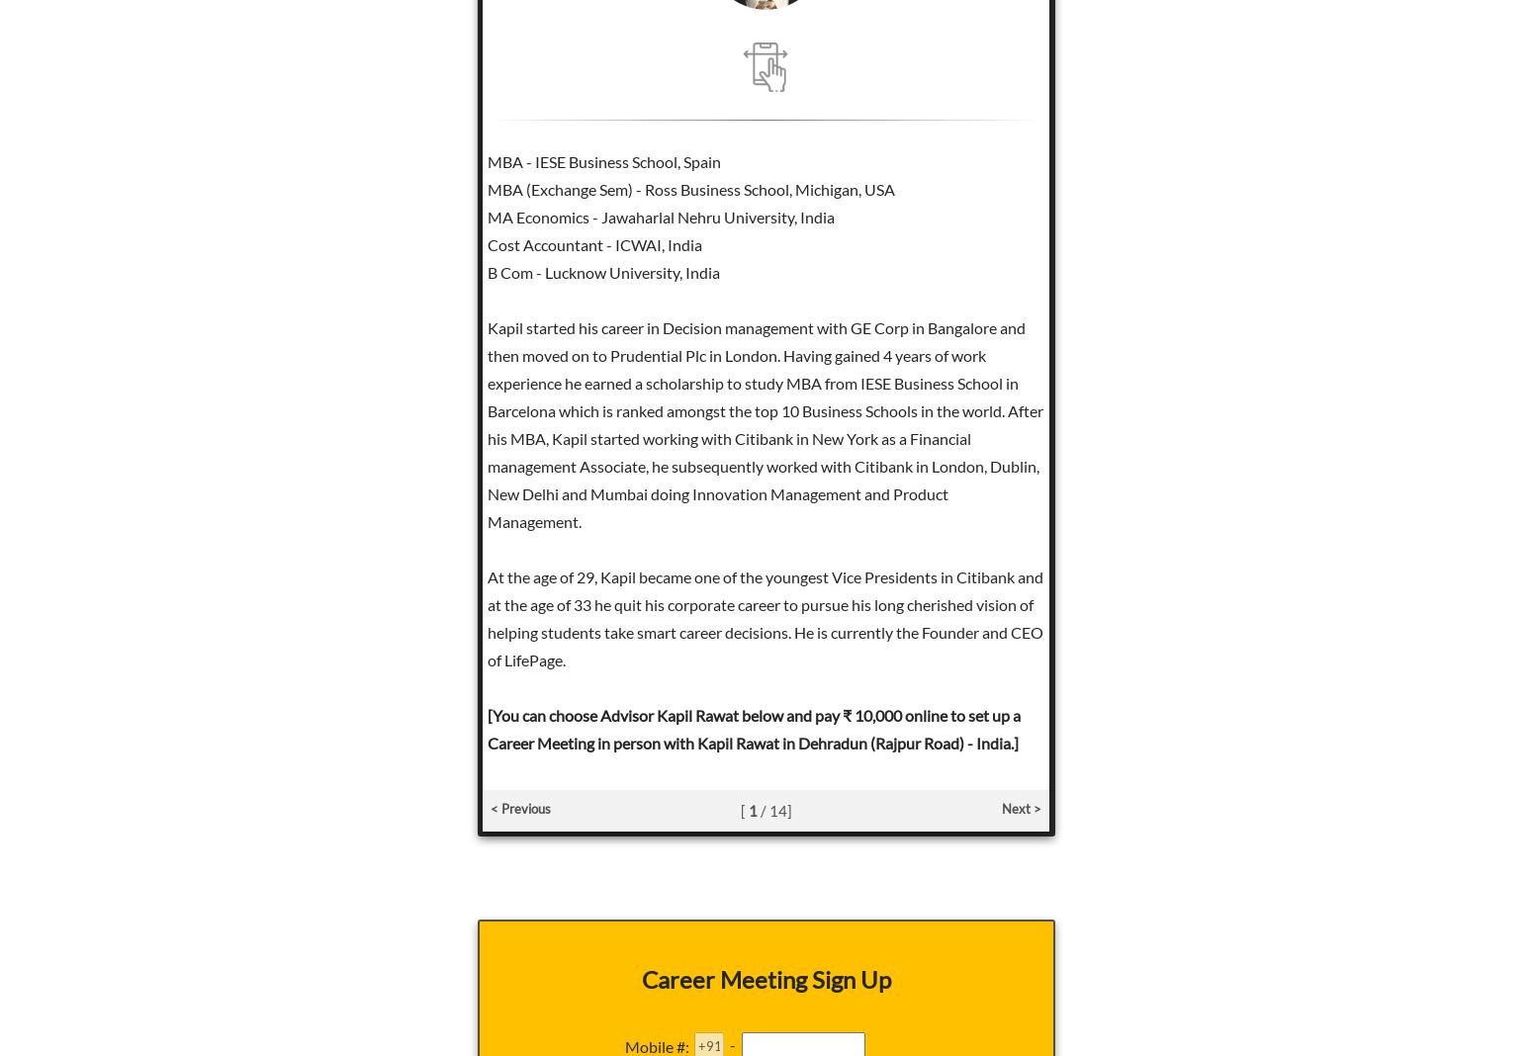 Image resolution: width=1533 pixels, height=1056 pixels. Describe the element at coordinates (752, 810) in the screenshot. I see `'1'` at that location.